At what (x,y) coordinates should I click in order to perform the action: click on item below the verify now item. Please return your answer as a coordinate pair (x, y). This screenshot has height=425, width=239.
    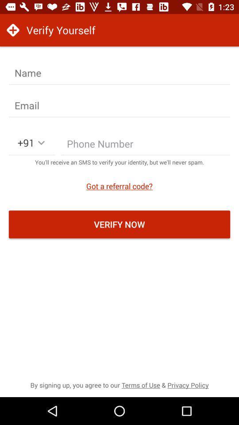
    Looking at the image, I should click on (119, 384).